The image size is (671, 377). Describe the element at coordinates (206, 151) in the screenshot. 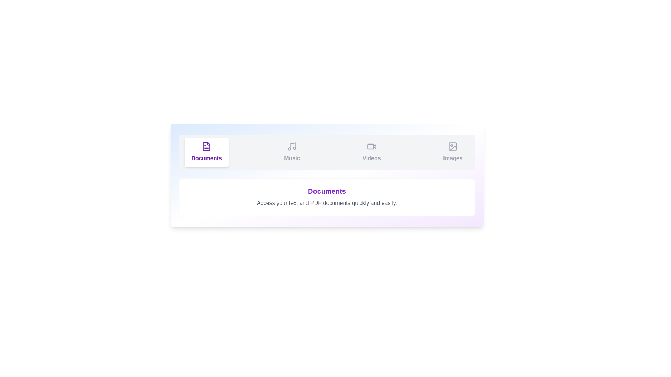

I see `the tab labeled Documents to view its content` at that location.